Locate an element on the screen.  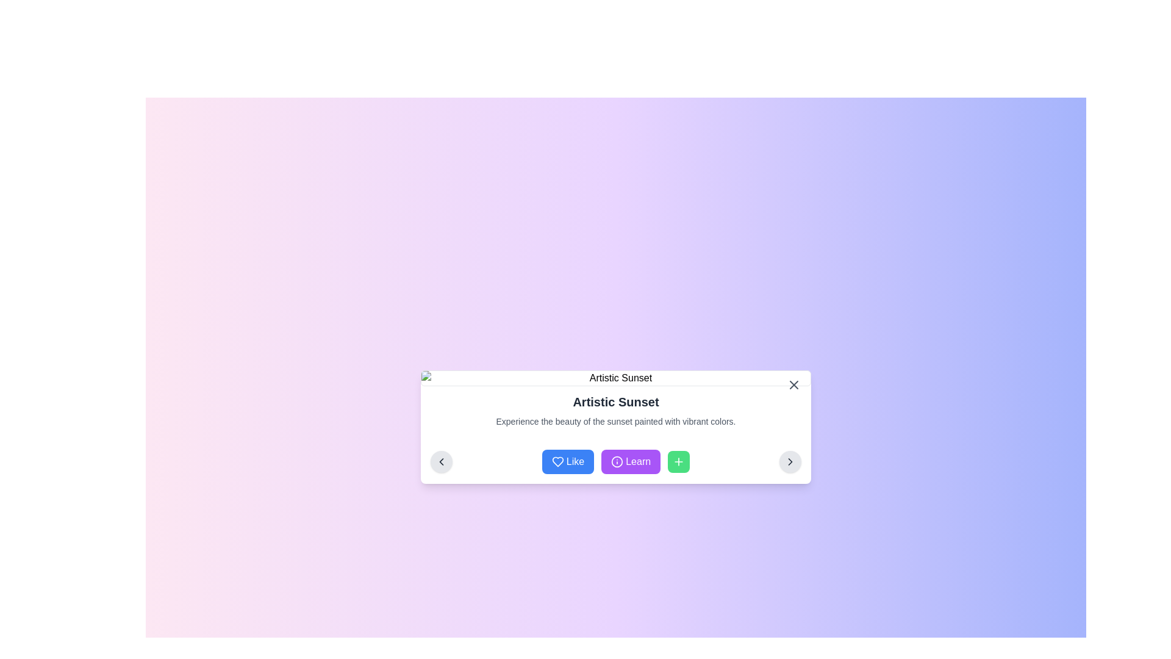
the 'plus' icon which is a white SVG graphic on a green button located at the bottom right corner of the interface for accessibility features is located at coordinates (678, 461).